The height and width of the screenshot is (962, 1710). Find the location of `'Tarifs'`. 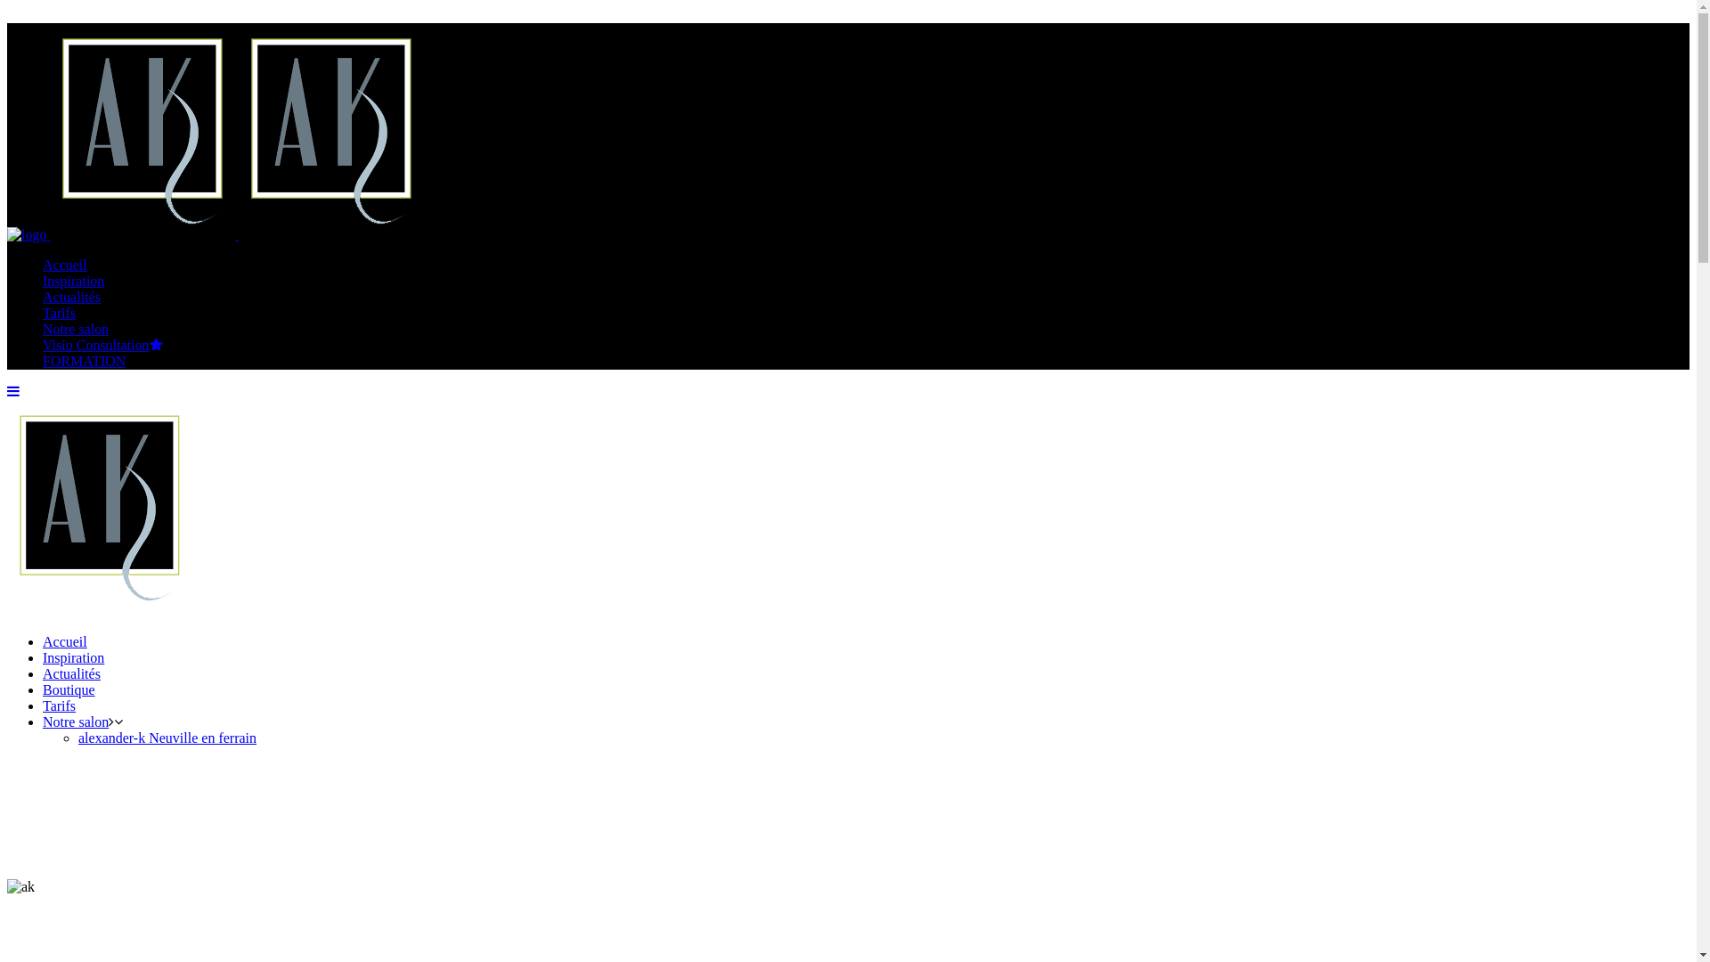

'Tarifs' is located at coordinates (43, 705).